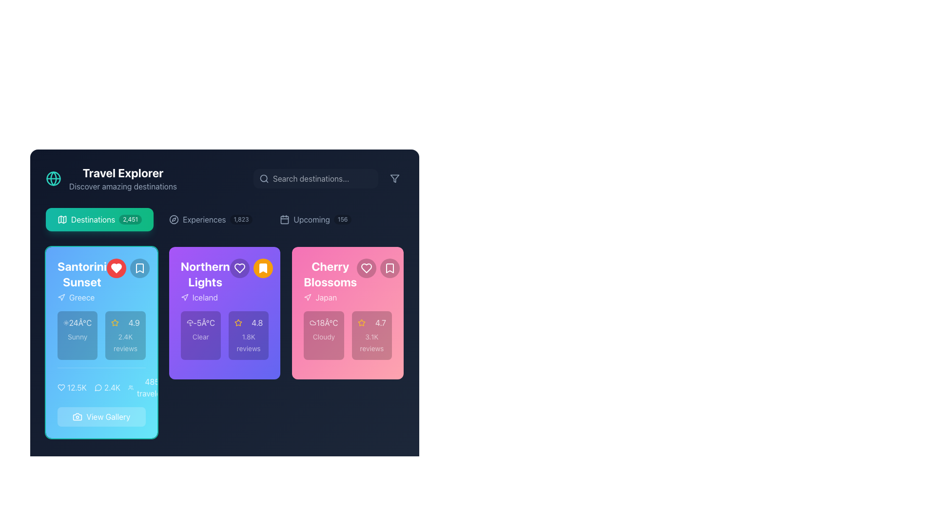 The image size is (936, 526). What do you see at coordinates (98, 387) in the screenshot?
I see `the comment icon located at the bottom of the blue card titled 'Santorini Sunset' in the first column, next to the numeric text displaying '2.4K'` at bounding box center [98, 387].